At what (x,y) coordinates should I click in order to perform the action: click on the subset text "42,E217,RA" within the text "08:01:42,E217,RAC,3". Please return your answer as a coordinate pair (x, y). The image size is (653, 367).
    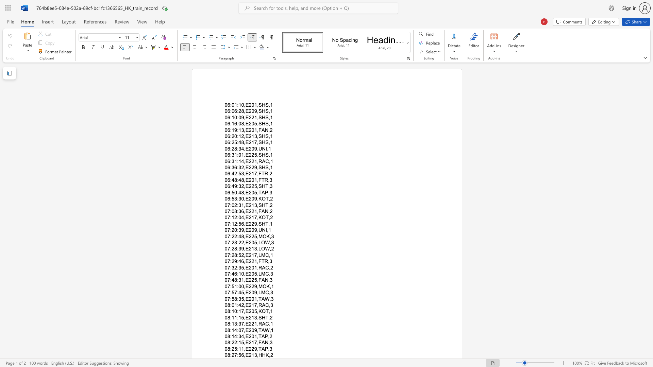
    Looking at the image, I should click on (238, 305).